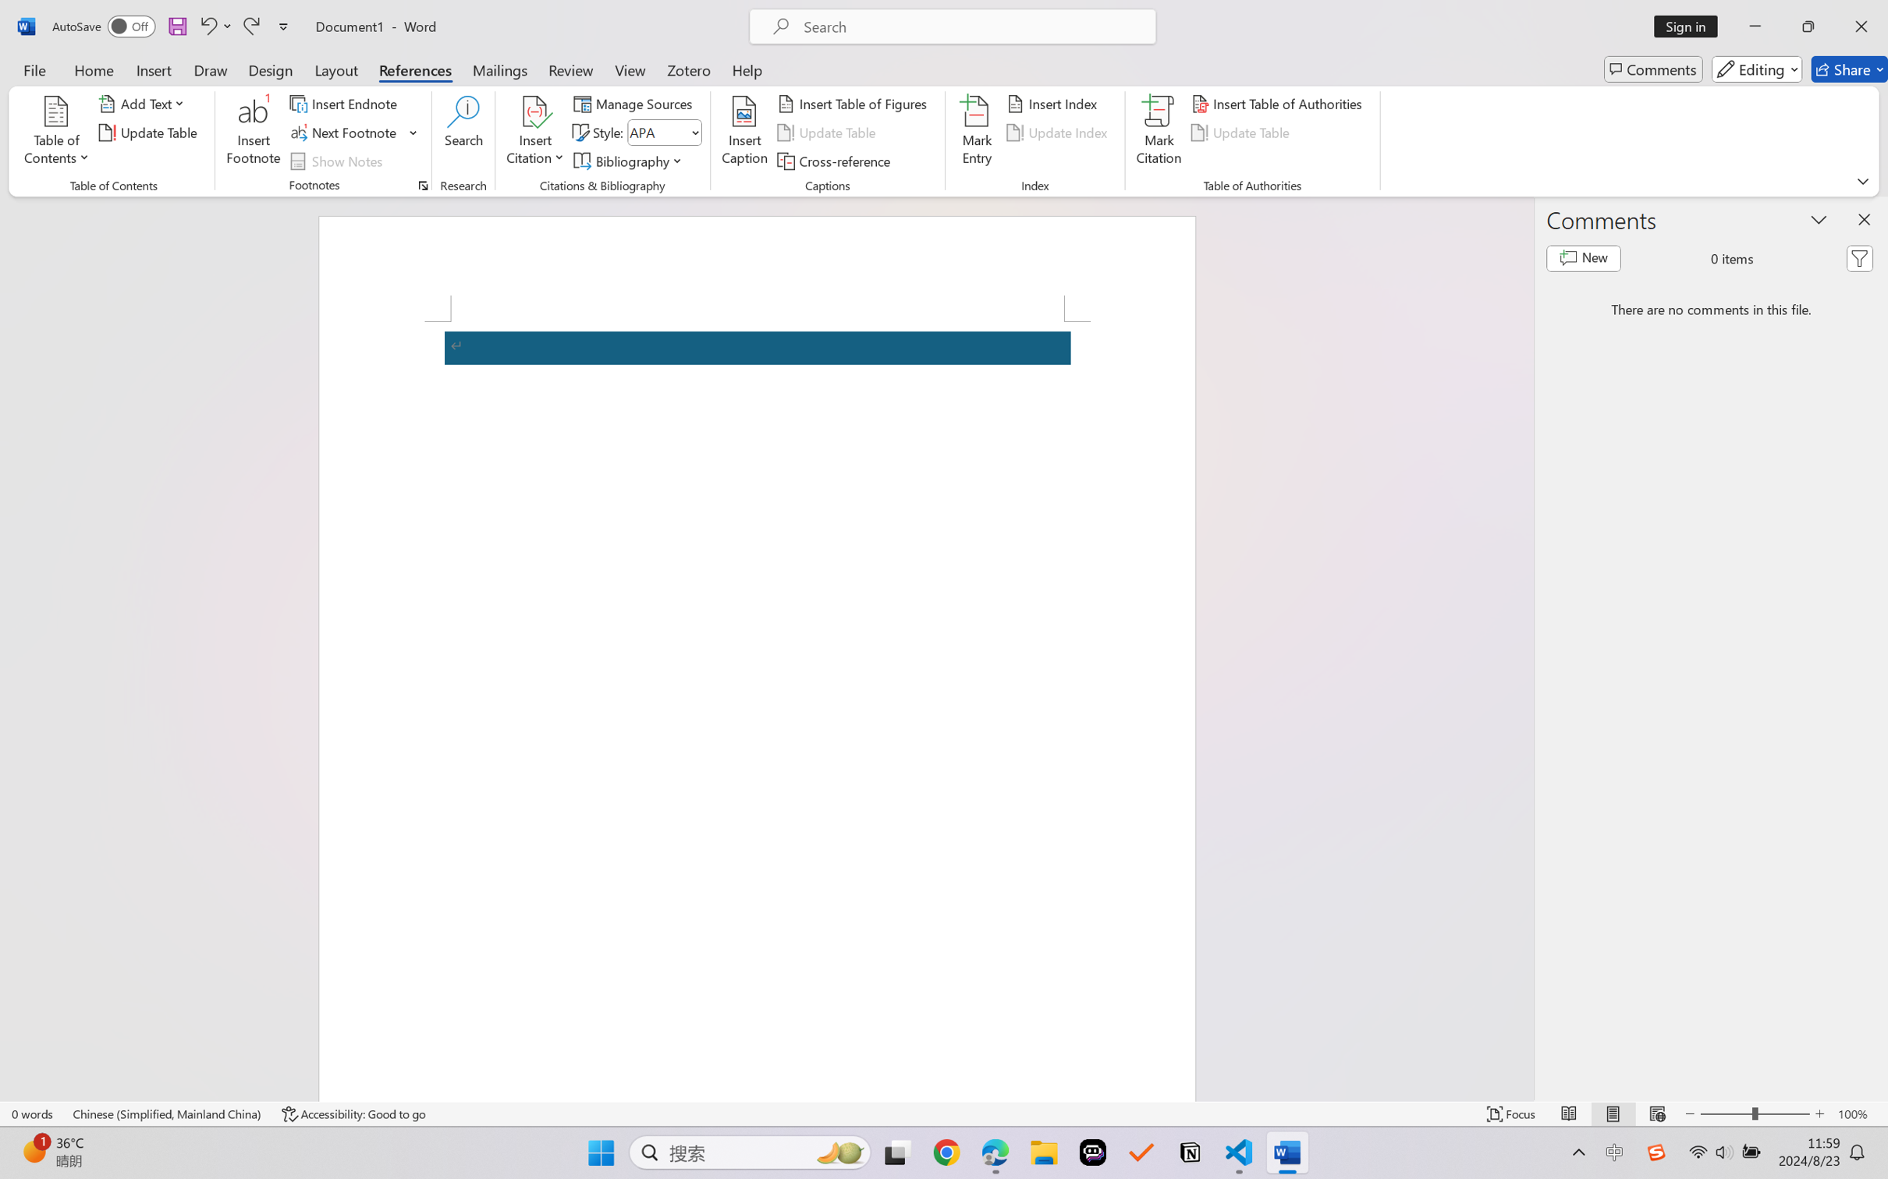 The height and width of the screenshot is (1179, 1888). Describe the element at coordinates (664, 133) in the screenshot. I see `'Style'` at that location.